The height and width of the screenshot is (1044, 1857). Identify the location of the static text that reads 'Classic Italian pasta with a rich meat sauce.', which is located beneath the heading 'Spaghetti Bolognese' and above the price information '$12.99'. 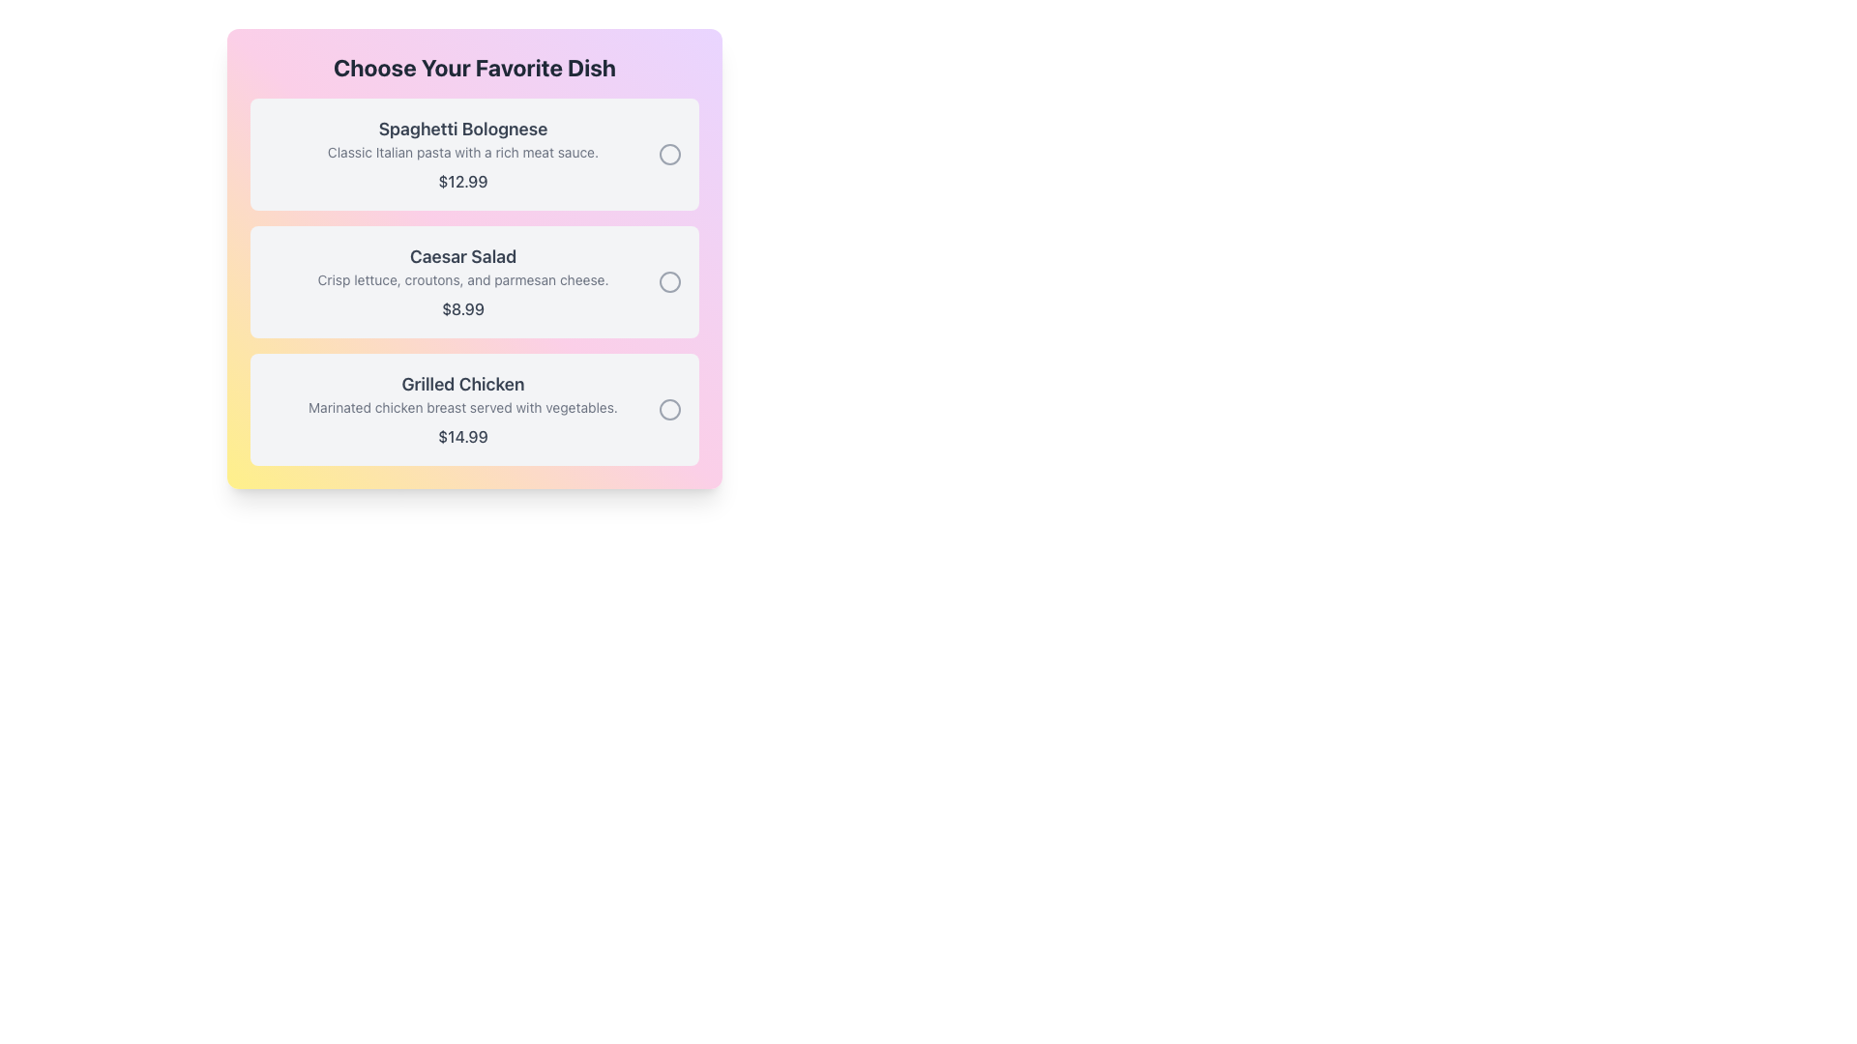
(462, 152).